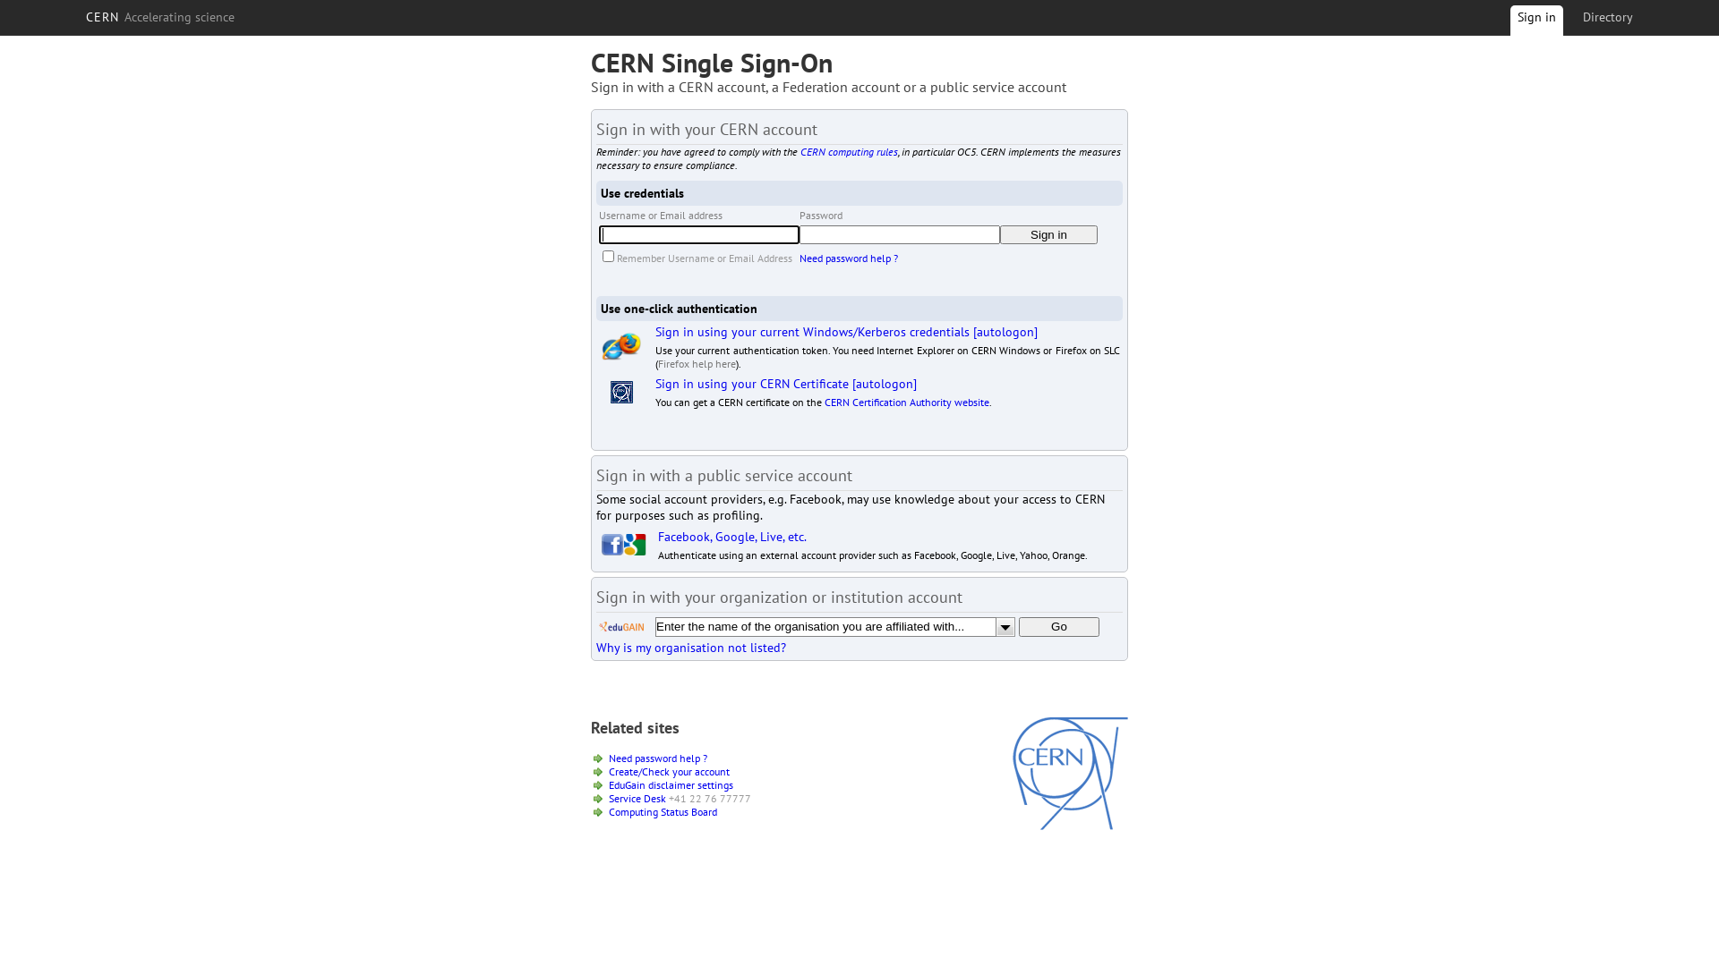 Image resolution: width=1719 pixels, height=966 pixels. Describe the element at coordinates (696, 362) in the screenshot. I see `'Firefox help here'` at that location.